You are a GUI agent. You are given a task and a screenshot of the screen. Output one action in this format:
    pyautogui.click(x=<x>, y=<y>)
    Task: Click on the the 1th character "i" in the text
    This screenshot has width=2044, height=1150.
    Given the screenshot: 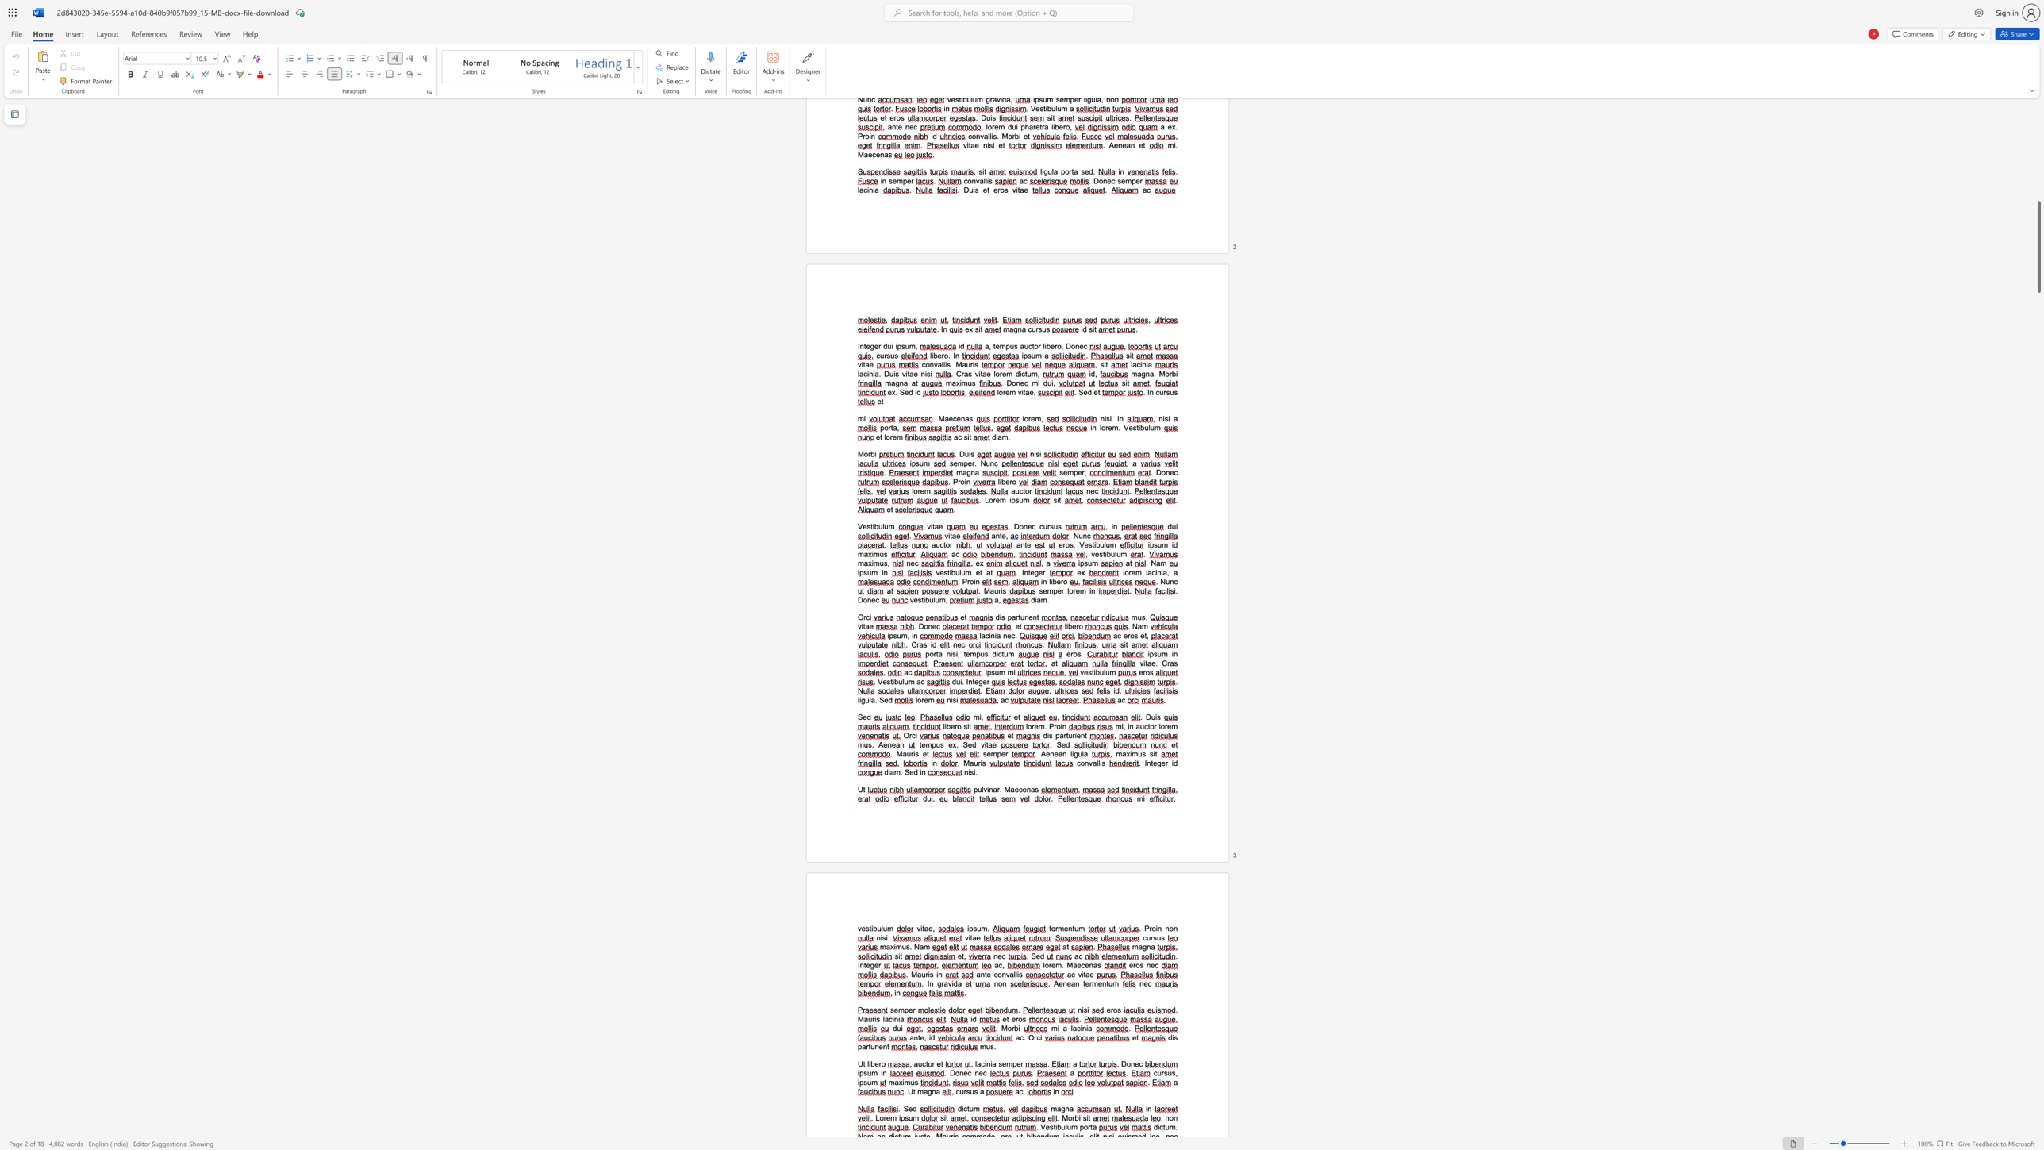 What is the action you would take?
    pyautogui.click(x=1156, y=929)
    